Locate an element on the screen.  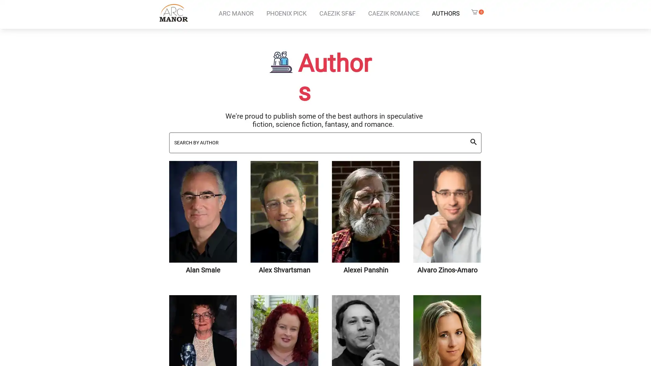
Cart with 0 items is located at coordinates (477, 12).